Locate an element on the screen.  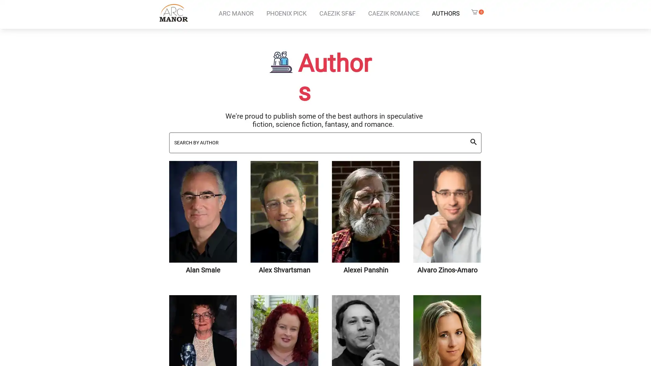
Cart with 0 items is located at coordinates (477, 12).